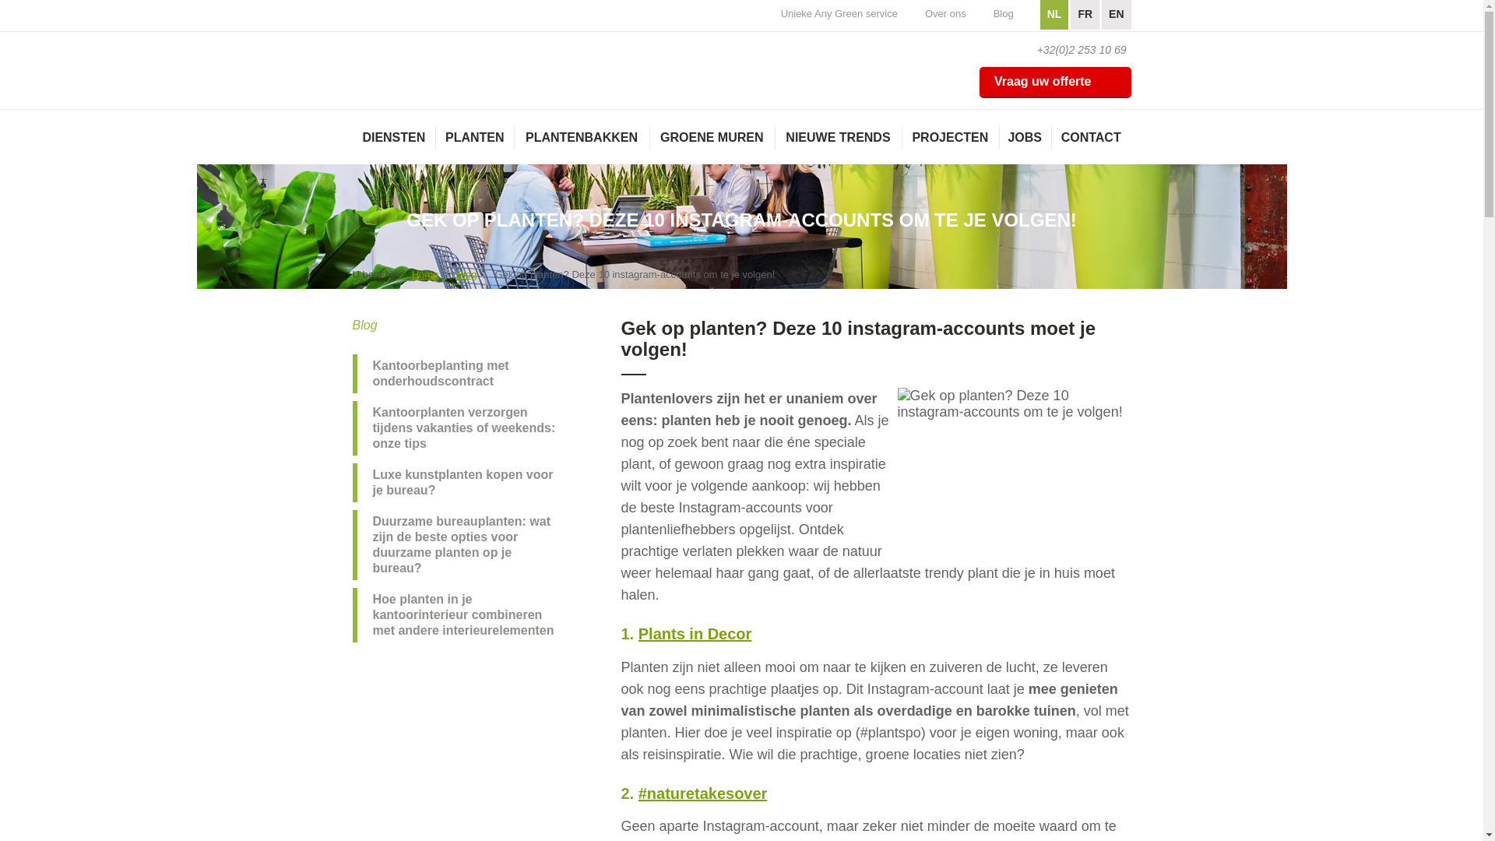 The height and width of the screenshot is (841, 1495). Describe the element at coordinates (350, 145) in the screenshot. I see `'DIENSTEN'` at that location.